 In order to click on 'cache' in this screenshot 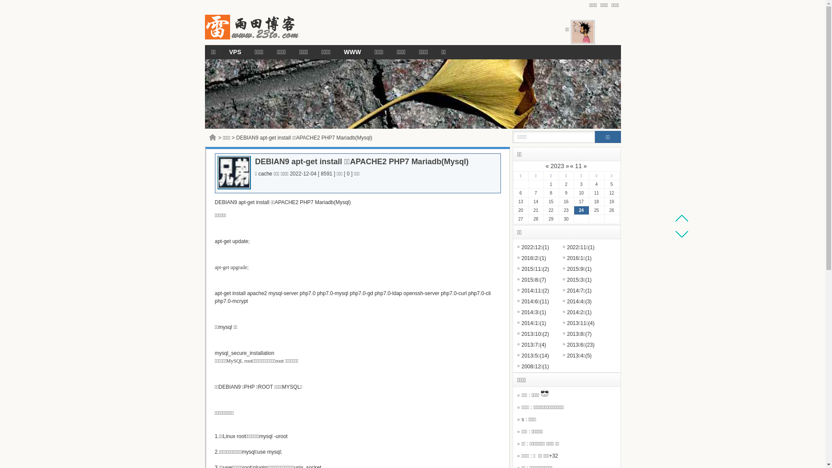, I will do `click(264, 174)`.